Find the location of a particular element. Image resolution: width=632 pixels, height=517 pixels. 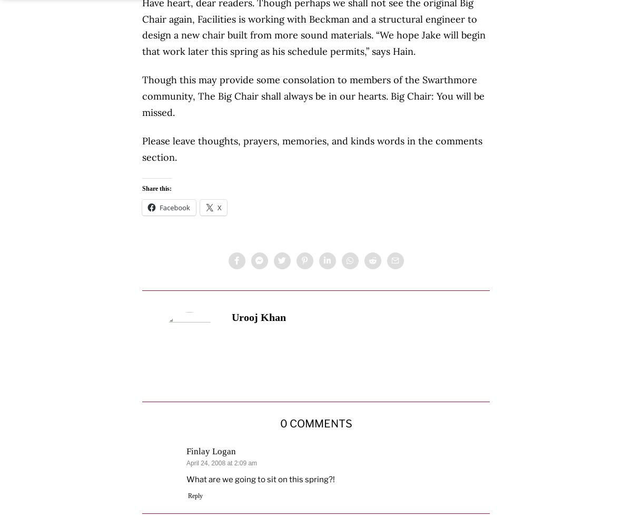

'Finlay Logan' is located at coordinates (211, 451).